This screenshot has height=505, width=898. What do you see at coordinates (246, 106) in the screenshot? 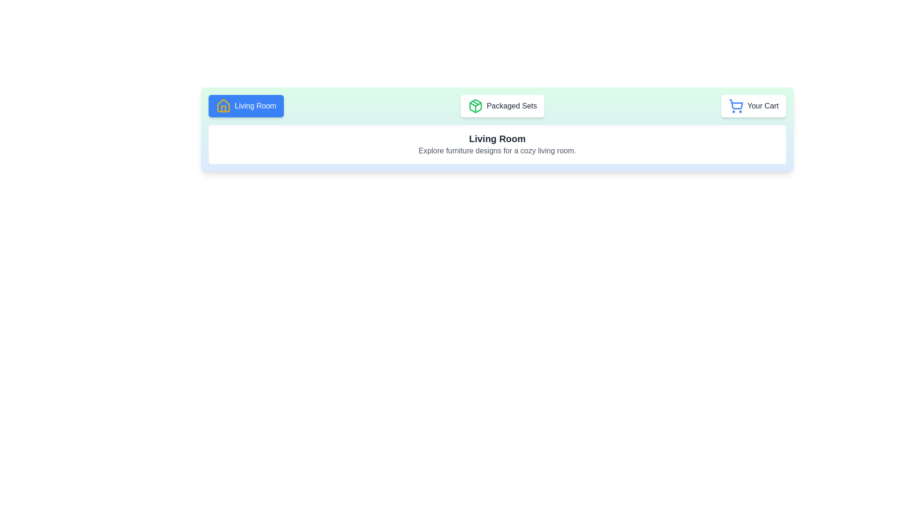
I see `the feature Living Room by clicking the corresponding button` at bounding box center [246, 106].